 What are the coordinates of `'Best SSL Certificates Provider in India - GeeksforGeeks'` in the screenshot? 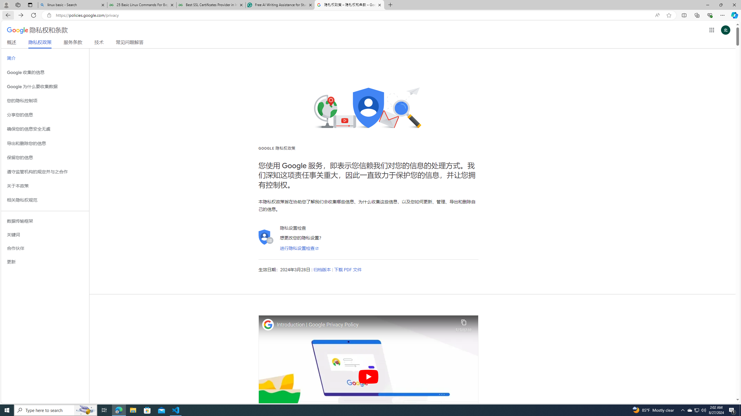 It's located at (211, 5).